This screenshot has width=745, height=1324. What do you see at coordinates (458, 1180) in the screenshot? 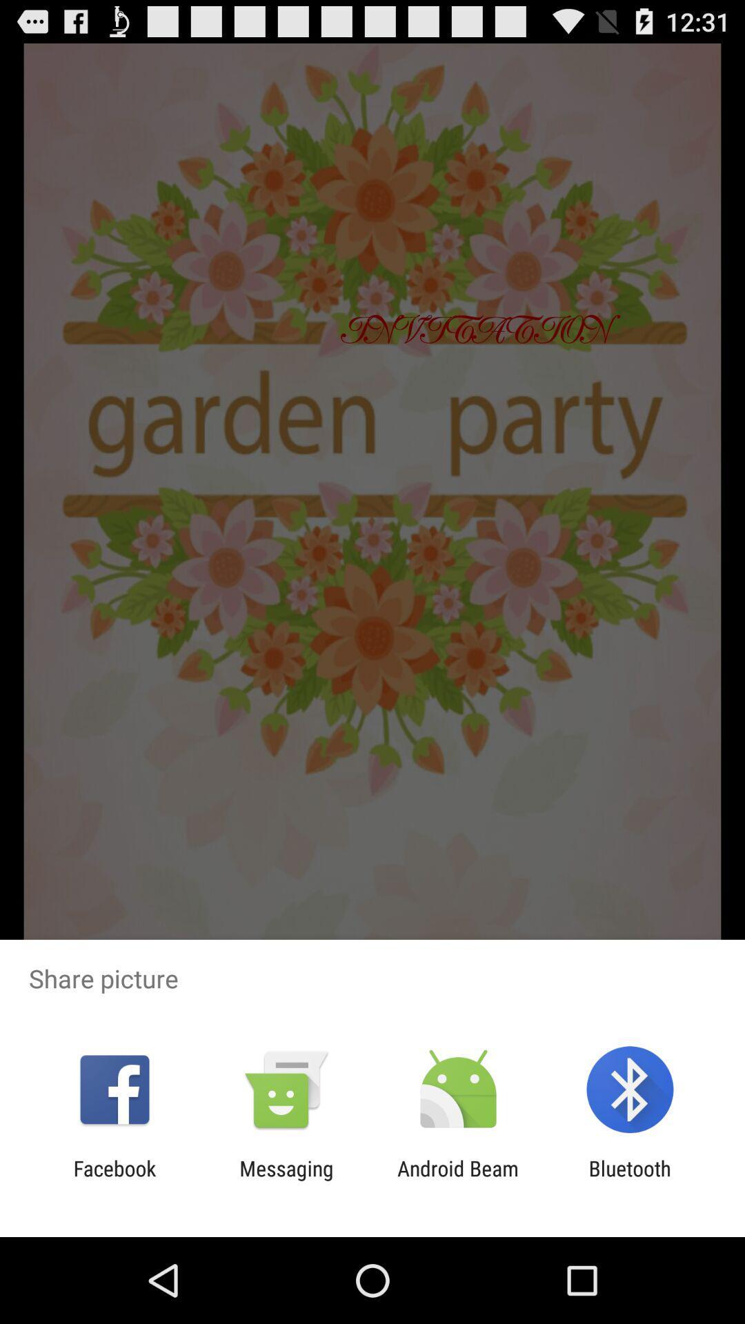
I see `android beam item` at bounding box center [458, 1180].